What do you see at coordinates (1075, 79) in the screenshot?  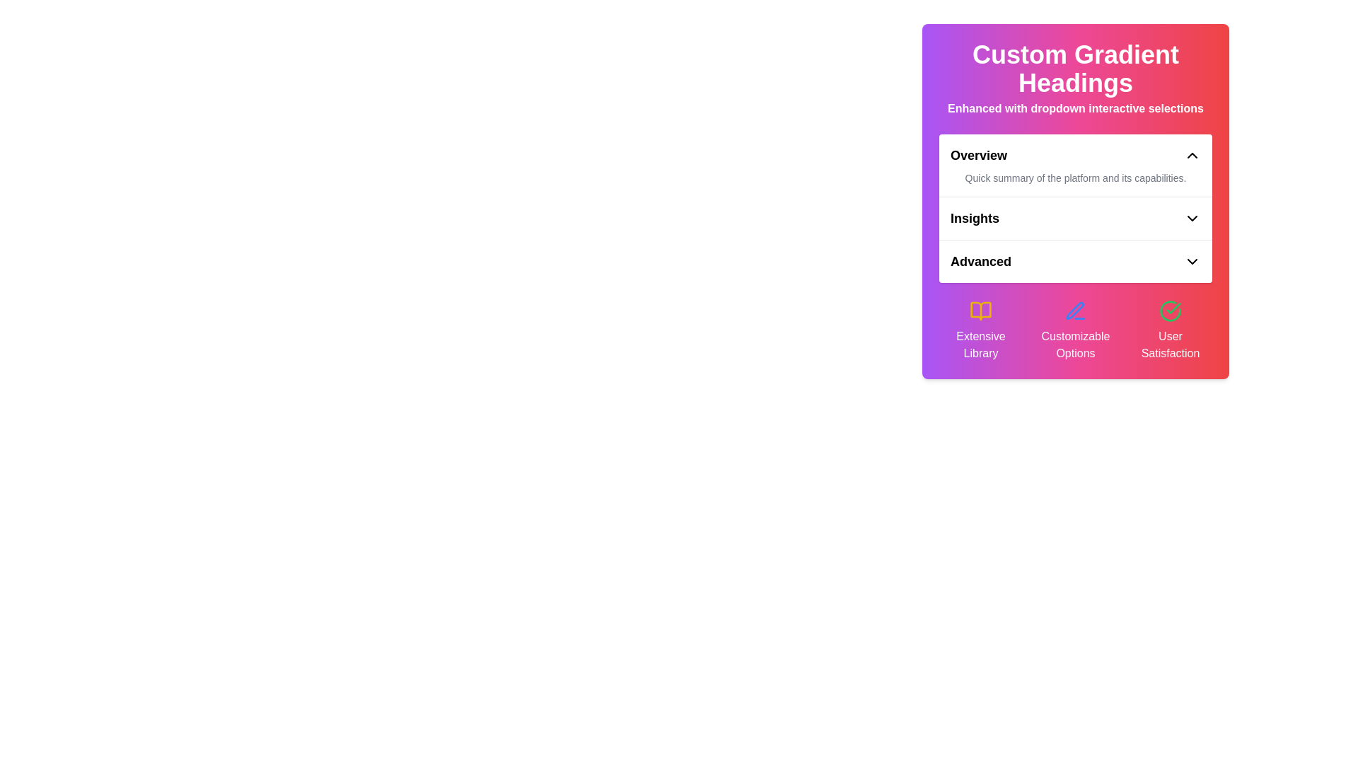 I see `the text block titled 'Custom Gradient Headings' with subtitle 'Enhanced with dropdown interactive selections', located at the top of the card with a gradient background` at bounding box center [1075, 79].